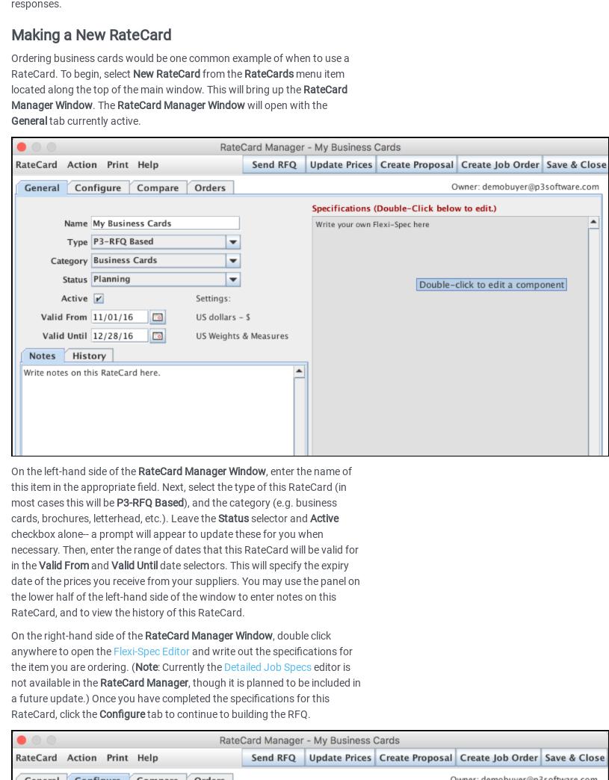 This screenshot has height=780, width=609. I want to click on 'On the left-hand side of the', so click(74, 470).